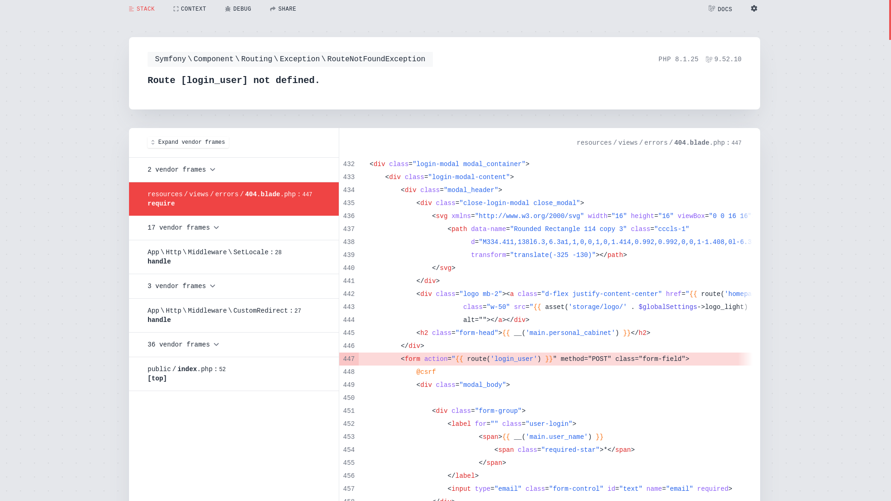 This screenshot has height=501, width=891. Describe the element at coordinates (283, 9) in the screenshot. I see `'SHARE'` at that location.